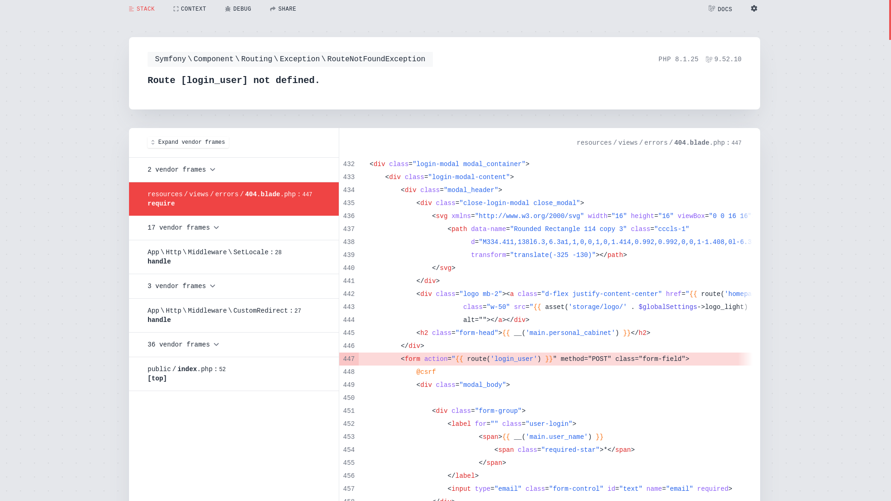 This screenshot has height=501, width=891. Describe the element at coordinates (283, 9) in the screenshot. I see `'SHARE'` at that location.